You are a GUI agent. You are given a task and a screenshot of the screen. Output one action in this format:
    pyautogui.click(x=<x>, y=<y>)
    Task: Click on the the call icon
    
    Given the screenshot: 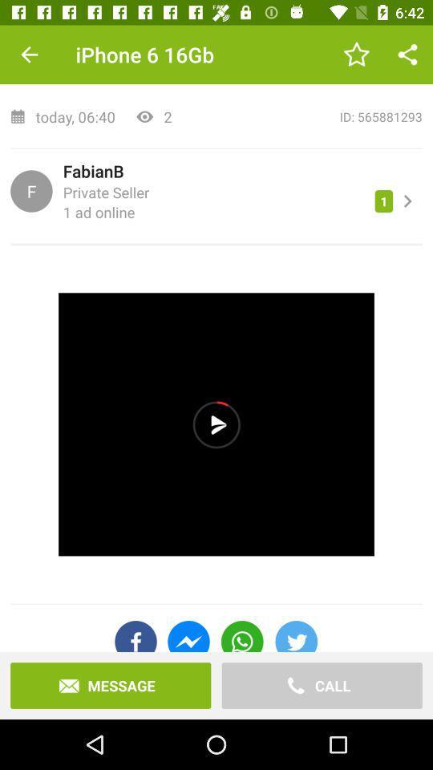 What is the action you would take?
    pyautogui.click(x=241, y=636)
    